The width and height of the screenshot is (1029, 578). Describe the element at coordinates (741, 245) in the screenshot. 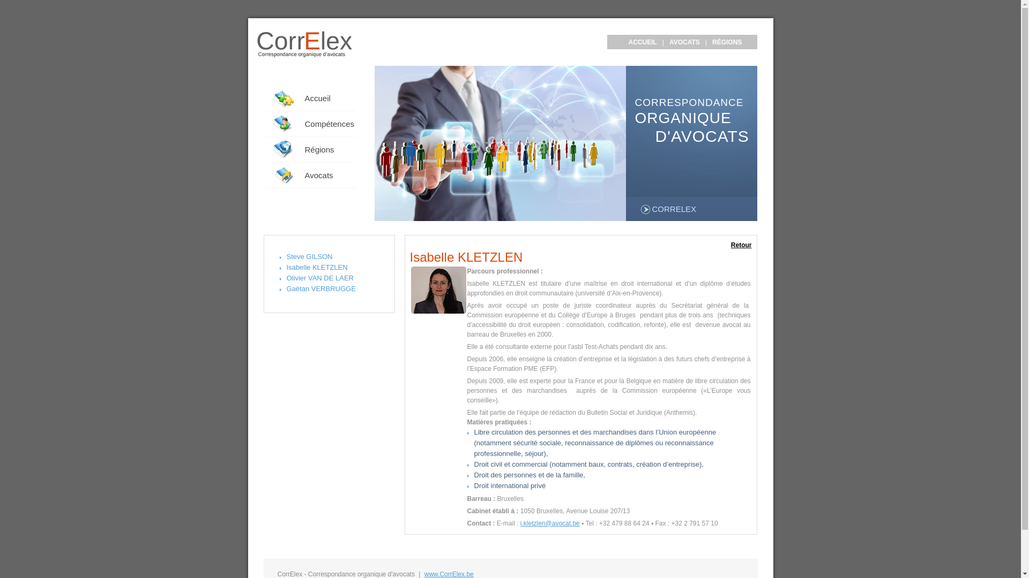

I see `'Retour'` at that location.